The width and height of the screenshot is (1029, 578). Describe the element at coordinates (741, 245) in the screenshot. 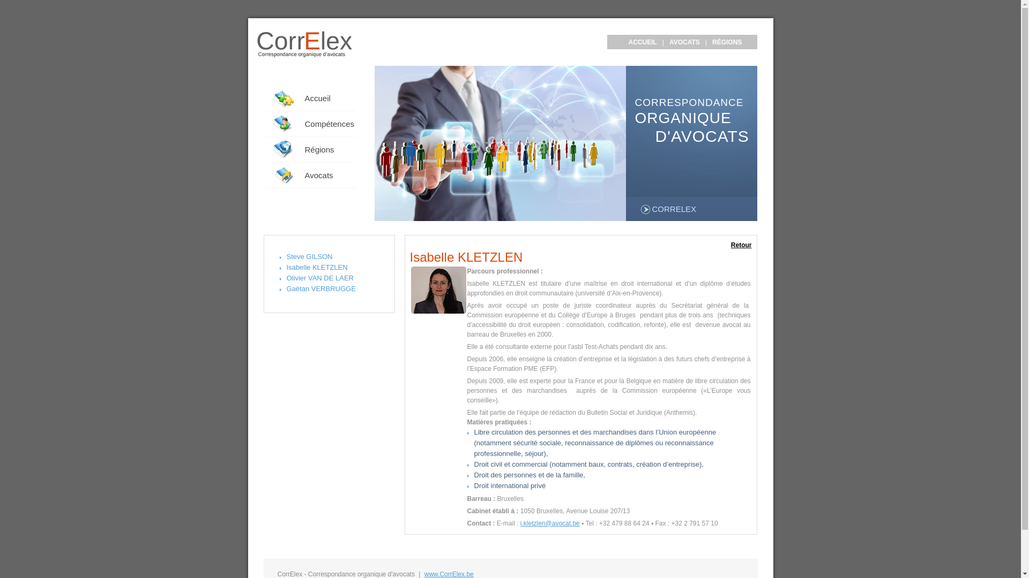

I see `'Retour'` at that location.